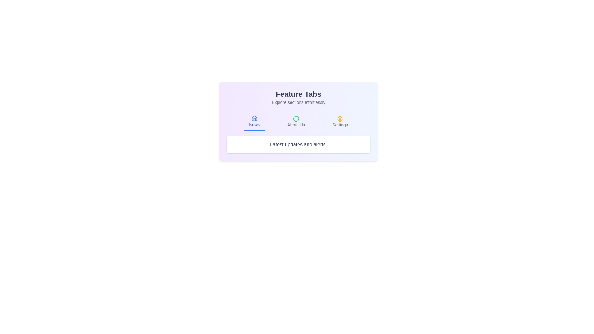 This screenshot has height=334, width=594. Describe the element at coordinates (254, 122) in the screenshot. I see `the News tab to explore its content` at that location.